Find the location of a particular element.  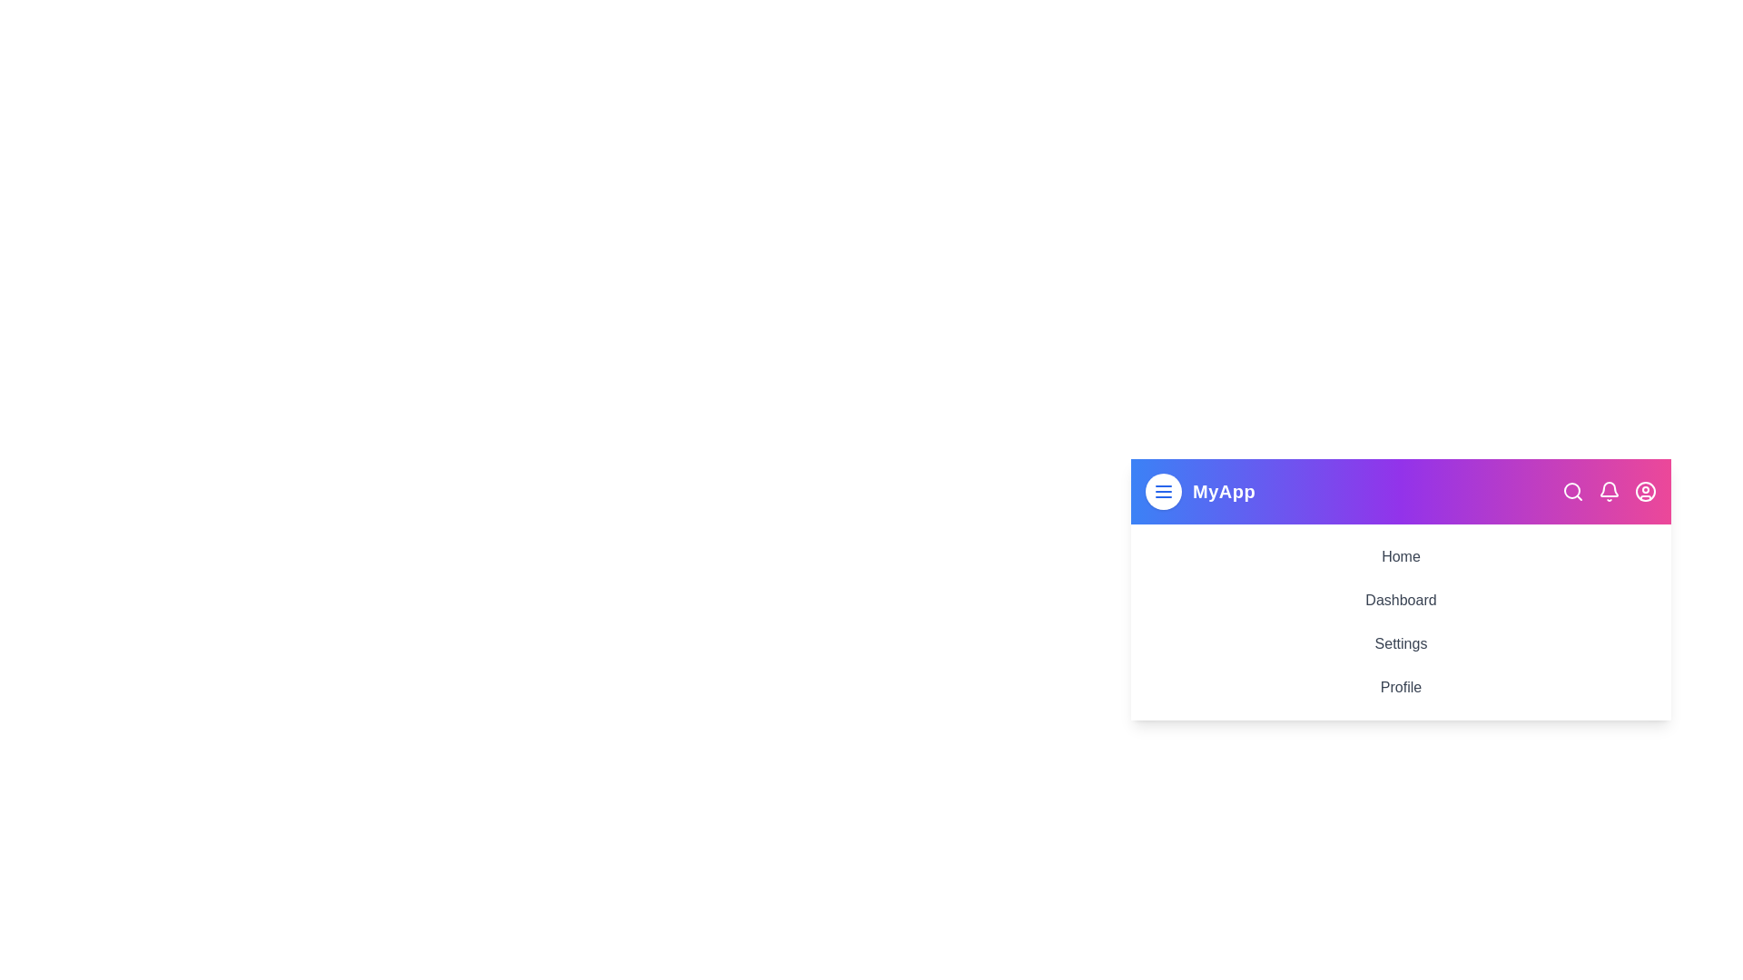

the search icon in the ModernAppBar is located at coordinates (1571, 492).